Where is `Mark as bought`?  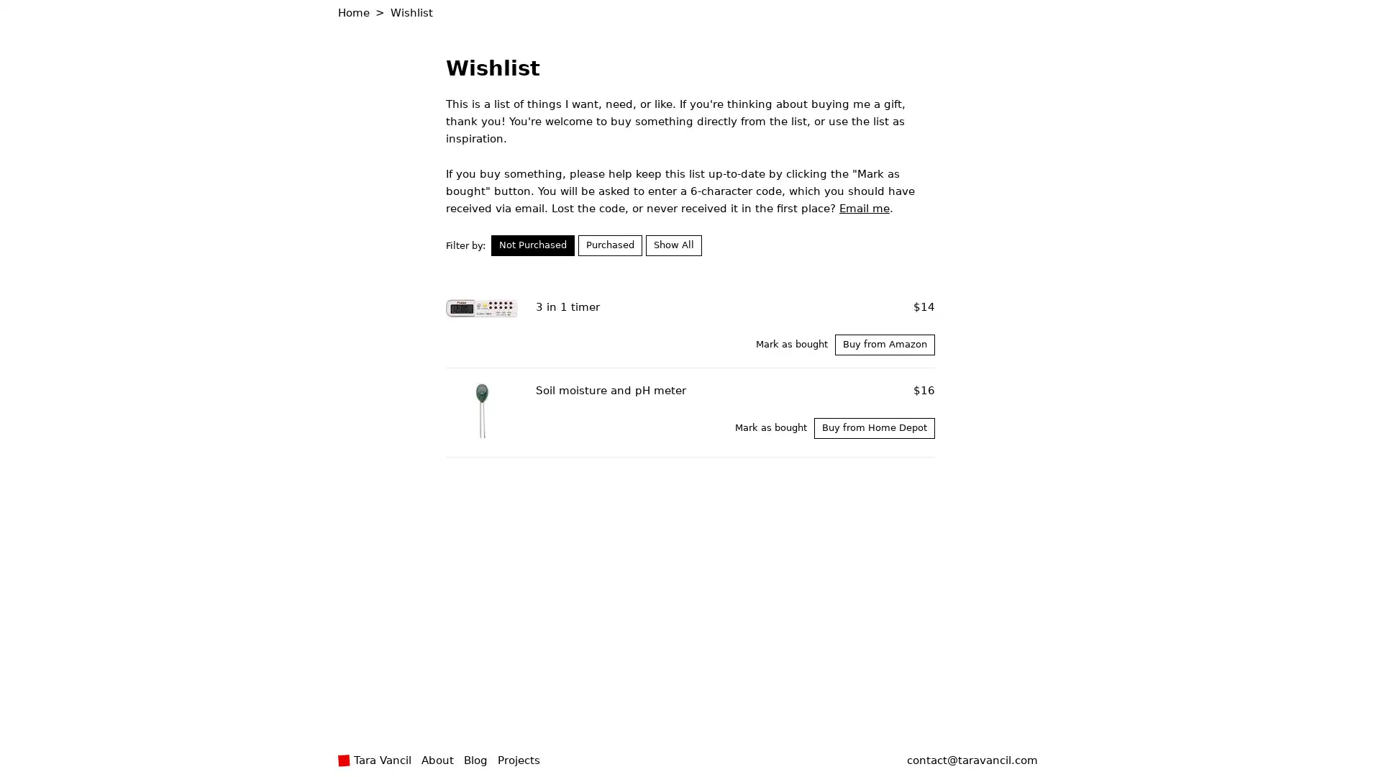 Mark as bought is located at coordinates (790, 344).